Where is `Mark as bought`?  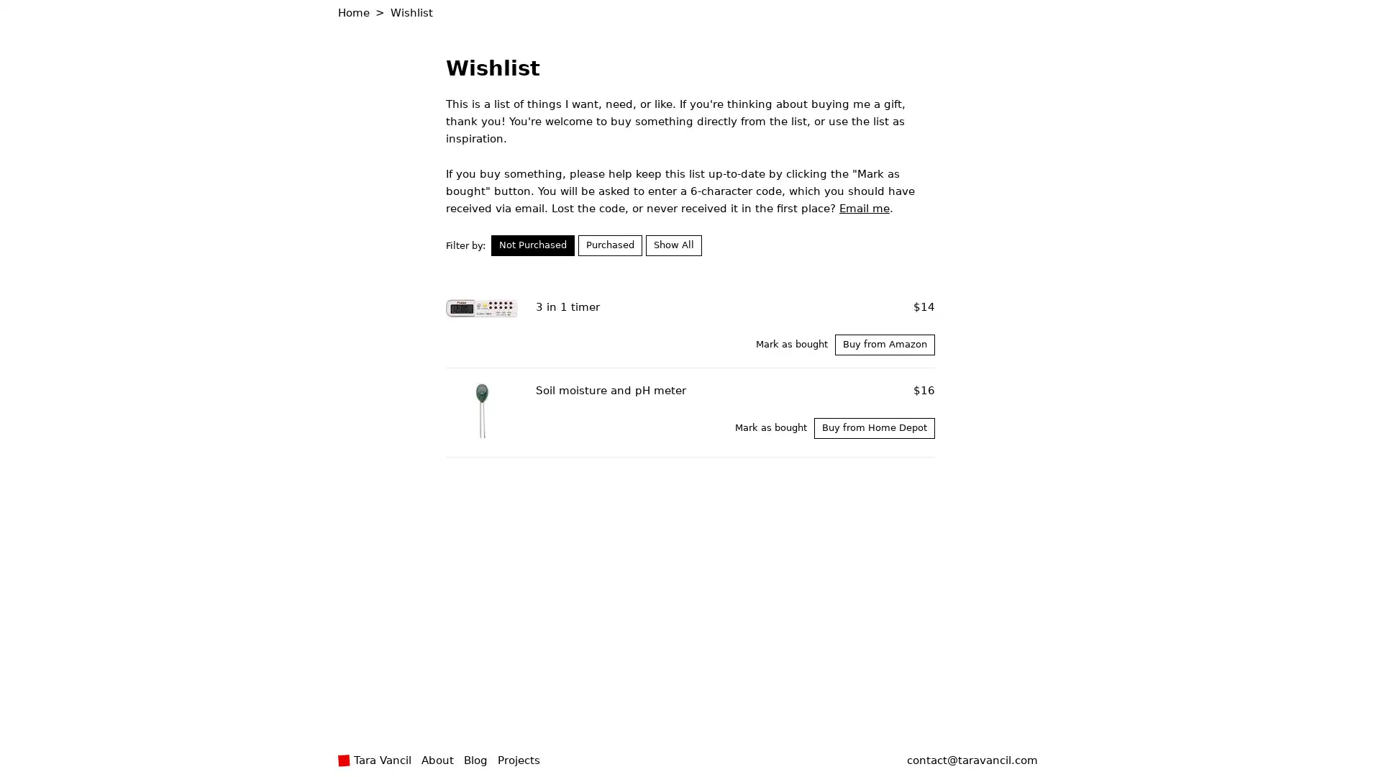 Mark as bought is located at coordinates (790, 344).